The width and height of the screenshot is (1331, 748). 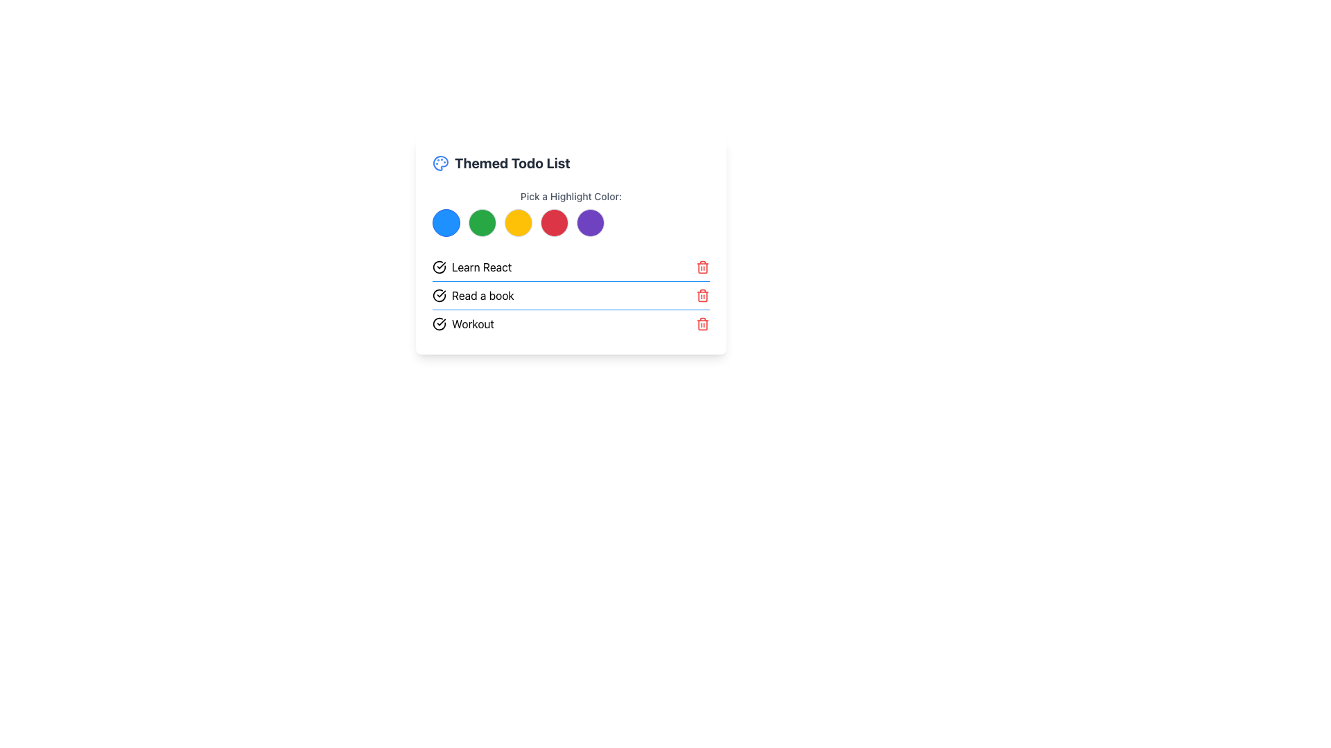 What do you see at coordinates (472, 267) in the screenshot?
I see `the text label for the first task in the themed todo list, which is positioned above the entries 'Read a book' and 'Workout'` at bounding box center [472, 267].